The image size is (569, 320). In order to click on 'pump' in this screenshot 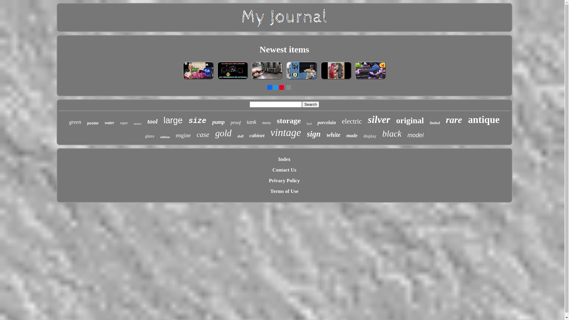, I will do `click(218, 122)`.